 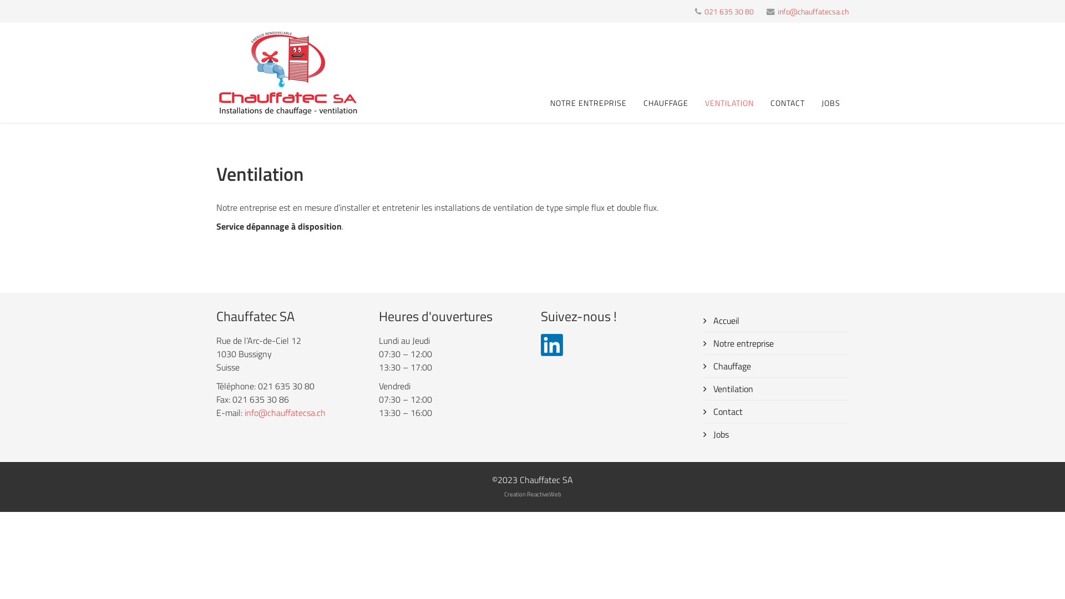 I want to click on 'Contact', so click(x=775, y=411).